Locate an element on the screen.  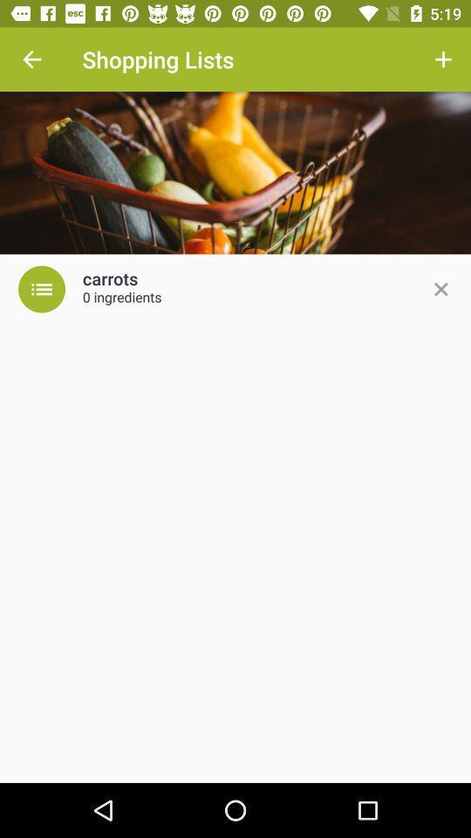
close is located at coordinates (440, 289).